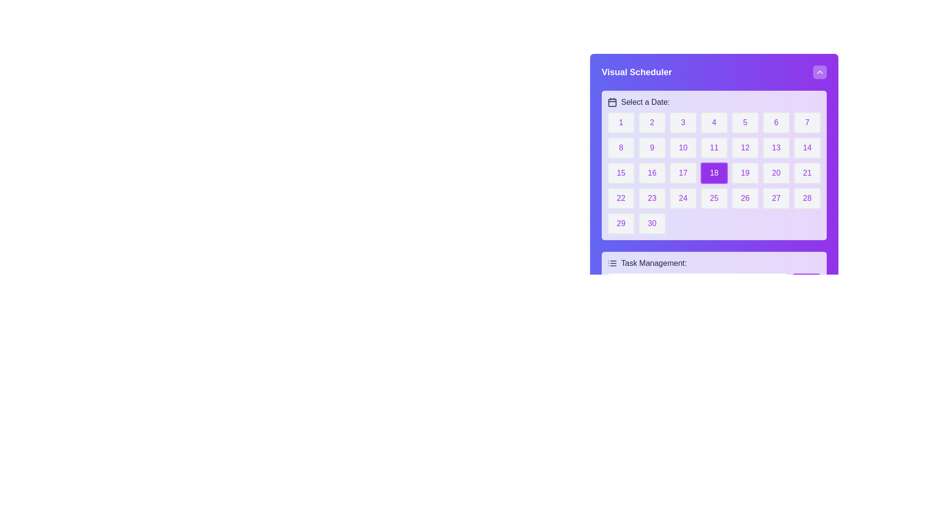 This screenshot has width=931, height=524. Describe the element at coordinates (645, 102) in the screenshot. I see `text of the label positioned to the right of the calendar icon in the calendar widget interface` at that location.